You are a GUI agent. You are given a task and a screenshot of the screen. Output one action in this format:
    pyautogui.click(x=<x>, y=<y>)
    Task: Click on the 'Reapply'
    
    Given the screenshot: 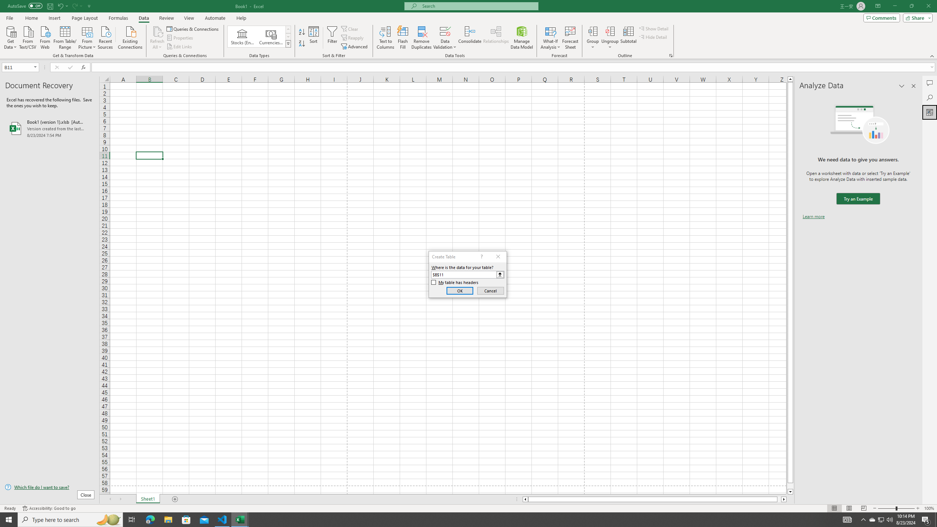 What is the action you would take?
    pyautogui.click(x=353, y=38)
    